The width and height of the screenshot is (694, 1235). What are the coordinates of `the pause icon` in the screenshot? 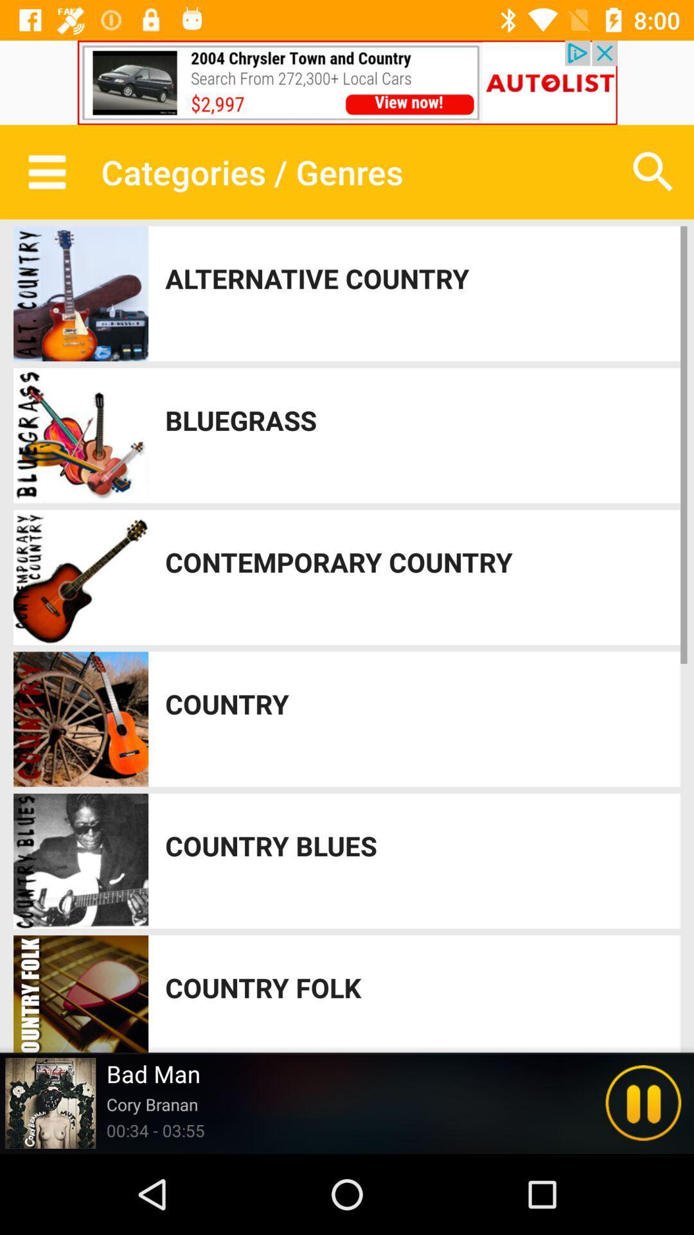 It's located at (643, 1102).